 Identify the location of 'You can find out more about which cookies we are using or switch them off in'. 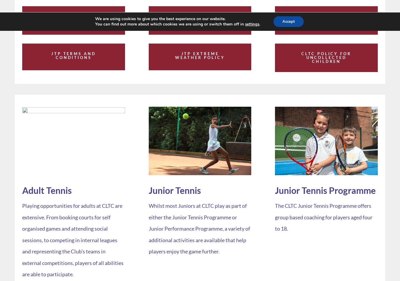
(170, 24).